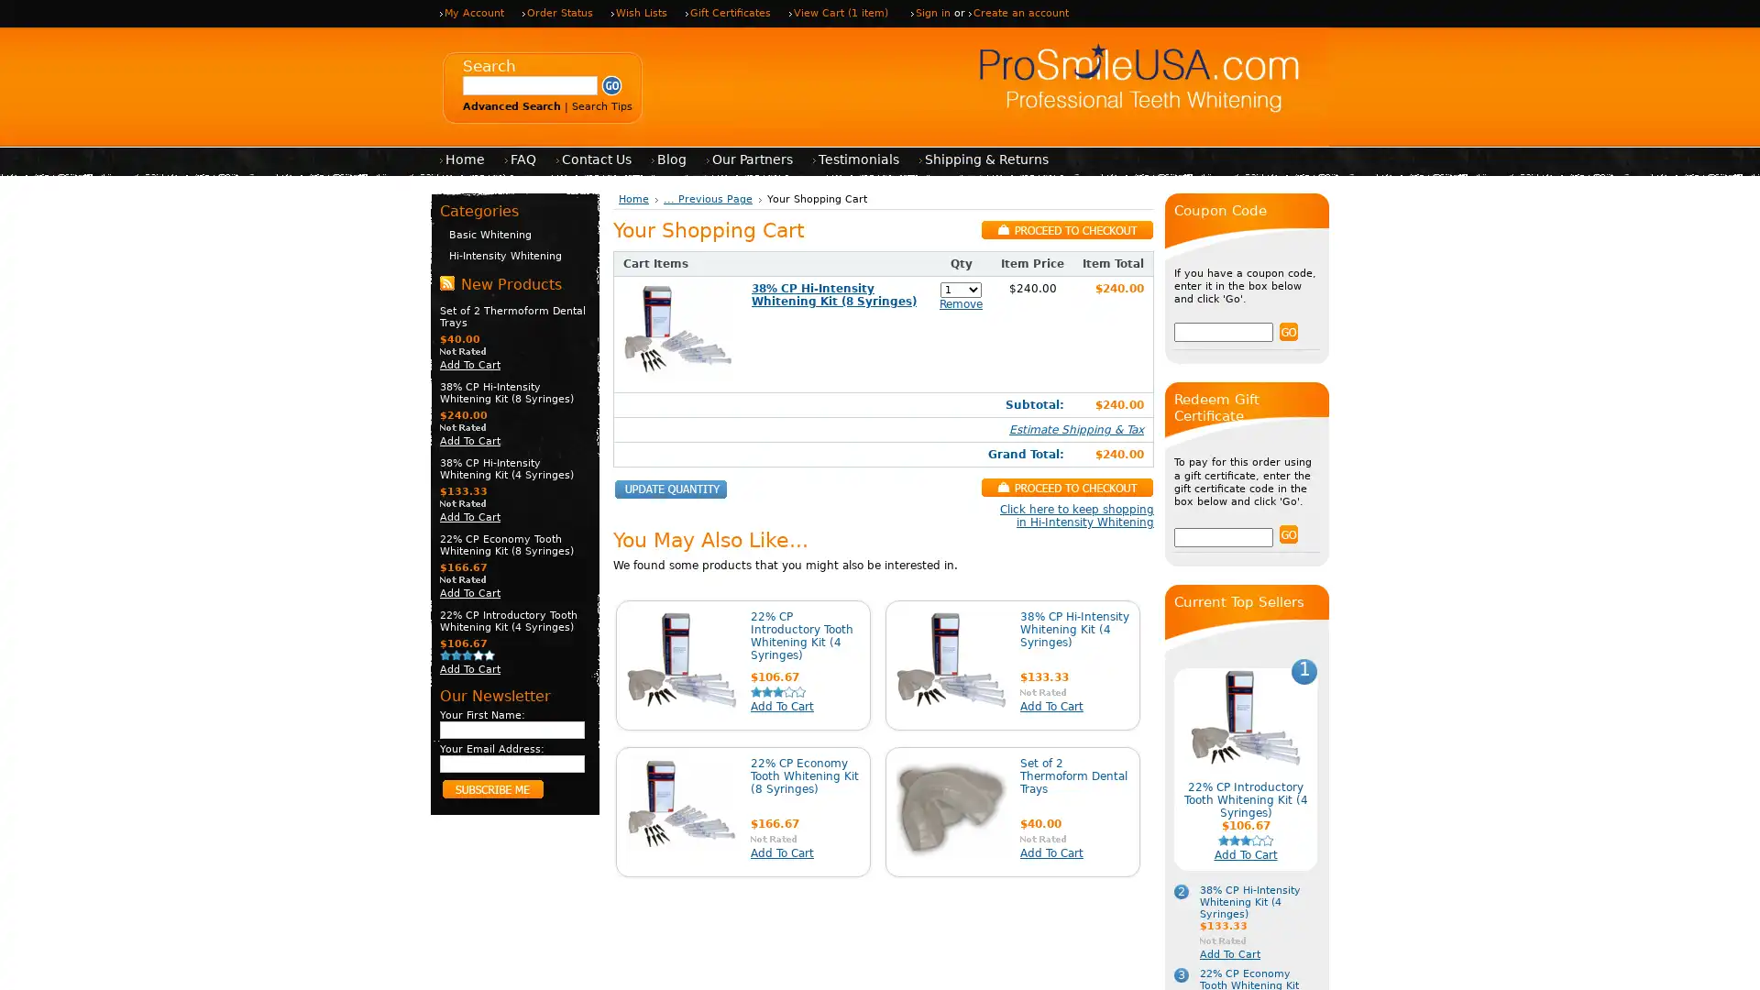 The image size is (1760, 990). I want to click on Go, so click(1288, 332).